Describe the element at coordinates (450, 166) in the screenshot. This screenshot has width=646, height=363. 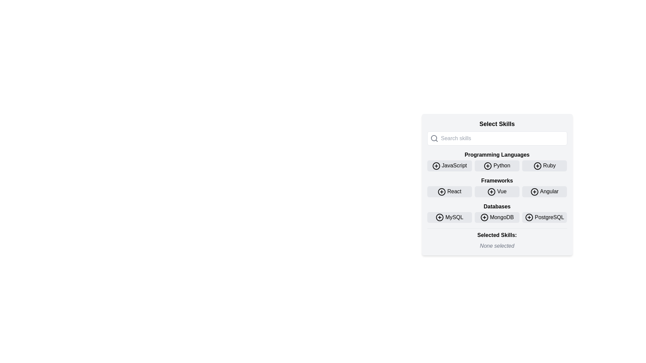
I see `the 'JavaScript' button, which is a rectangular button with rounded corners, a light gray background, and a circular icon with a plus sign to the left of the text` at that location.